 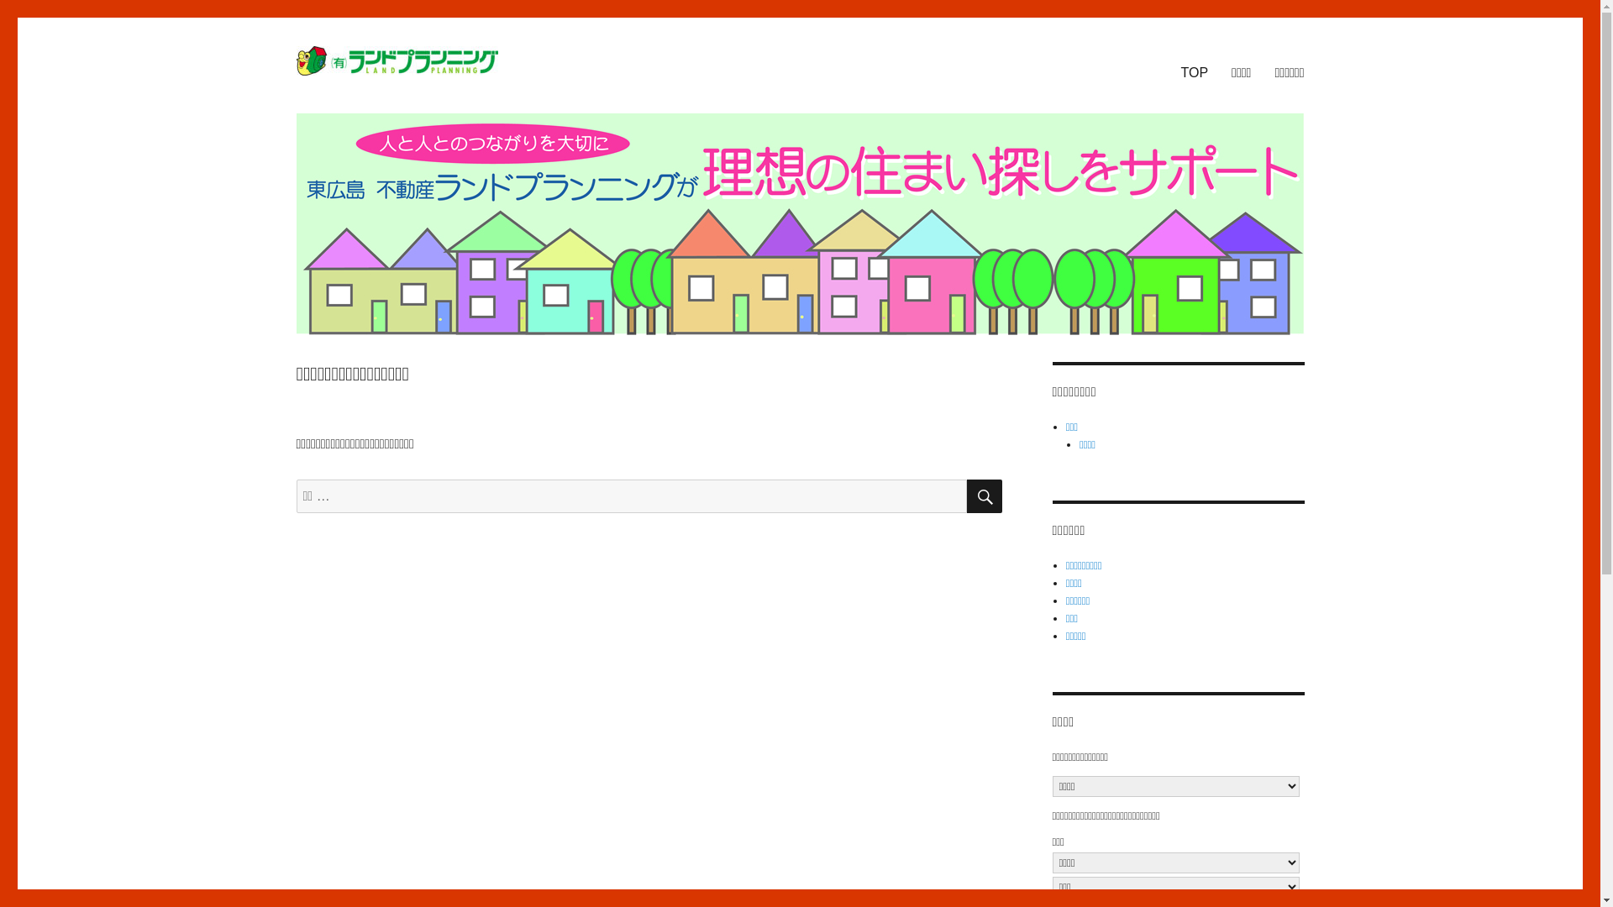 What do you see at coordinates (1193, 71) in the screenshot?
I see `'TOP'` at bounding box center [1193, 71].